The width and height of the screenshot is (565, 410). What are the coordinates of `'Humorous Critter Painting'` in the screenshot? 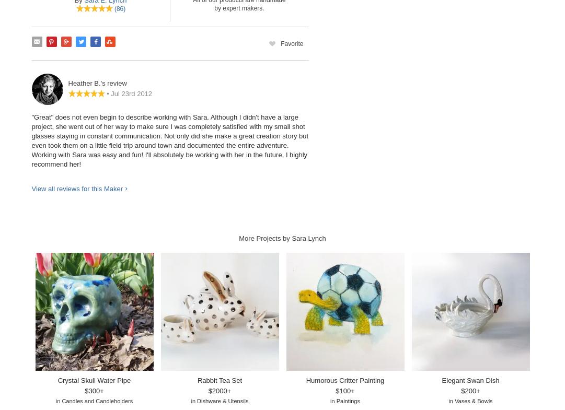 It's located at (344, 380).